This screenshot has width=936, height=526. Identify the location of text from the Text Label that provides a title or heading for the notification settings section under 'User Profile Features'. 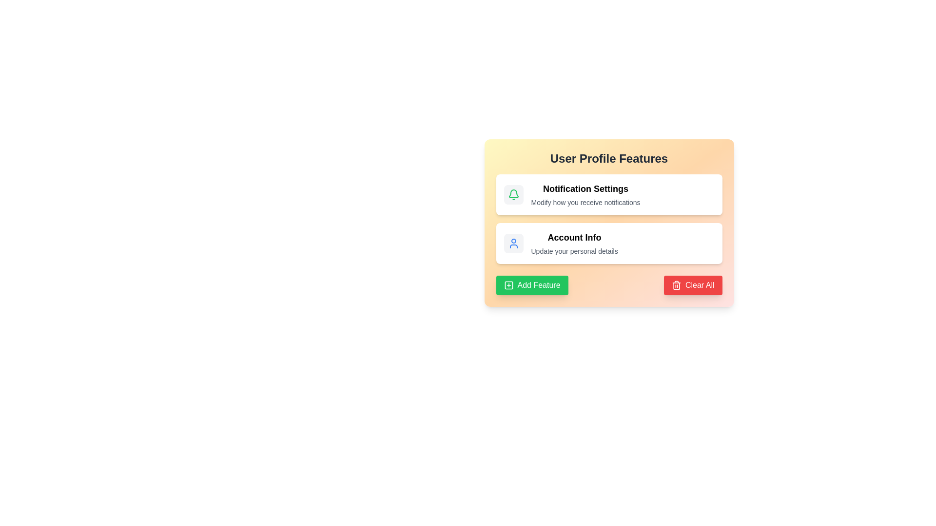
(585, 189).